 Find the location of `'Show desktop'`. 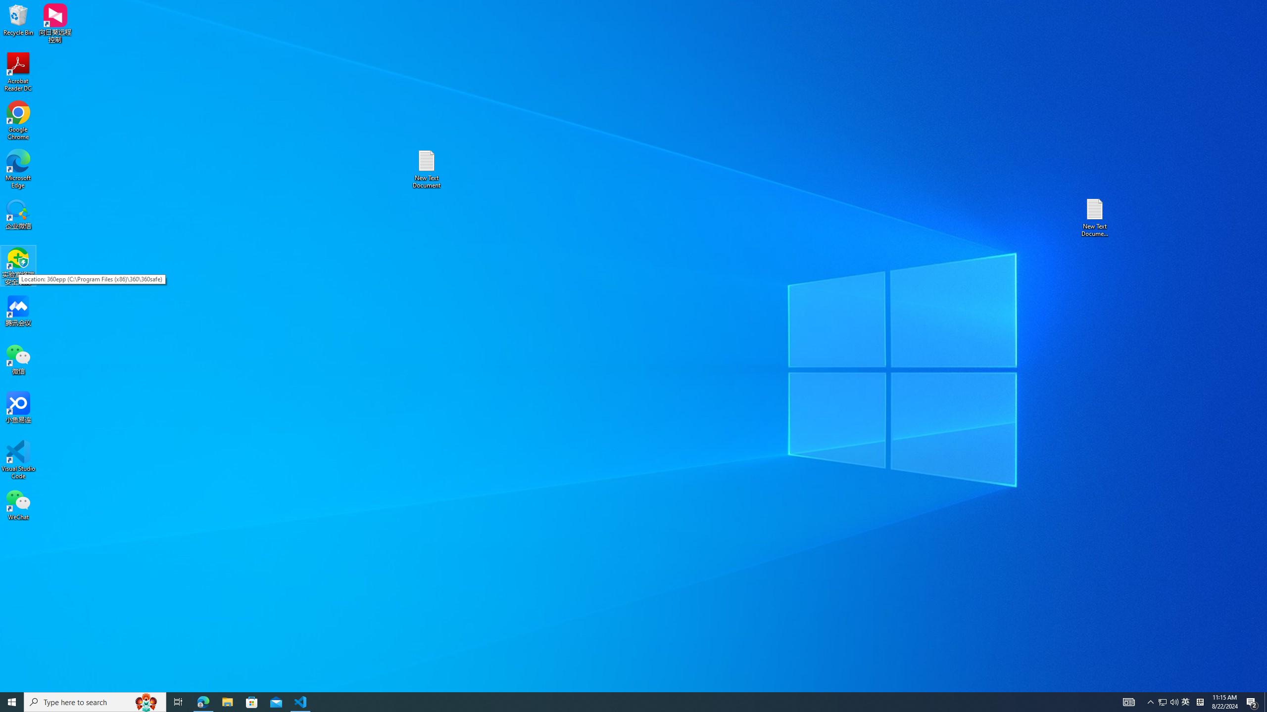

'Show desktop' is located at coordinates (1265, 701).